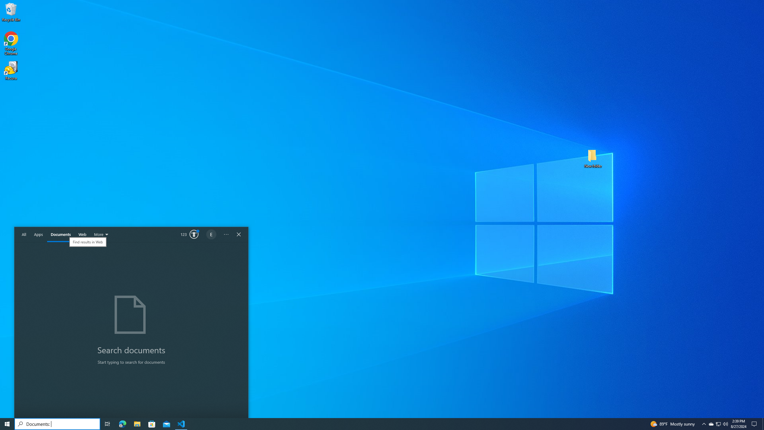  Describe the element at coordinates (87, 242) in the screenshot. I see `'Find results in Web'` at that location.